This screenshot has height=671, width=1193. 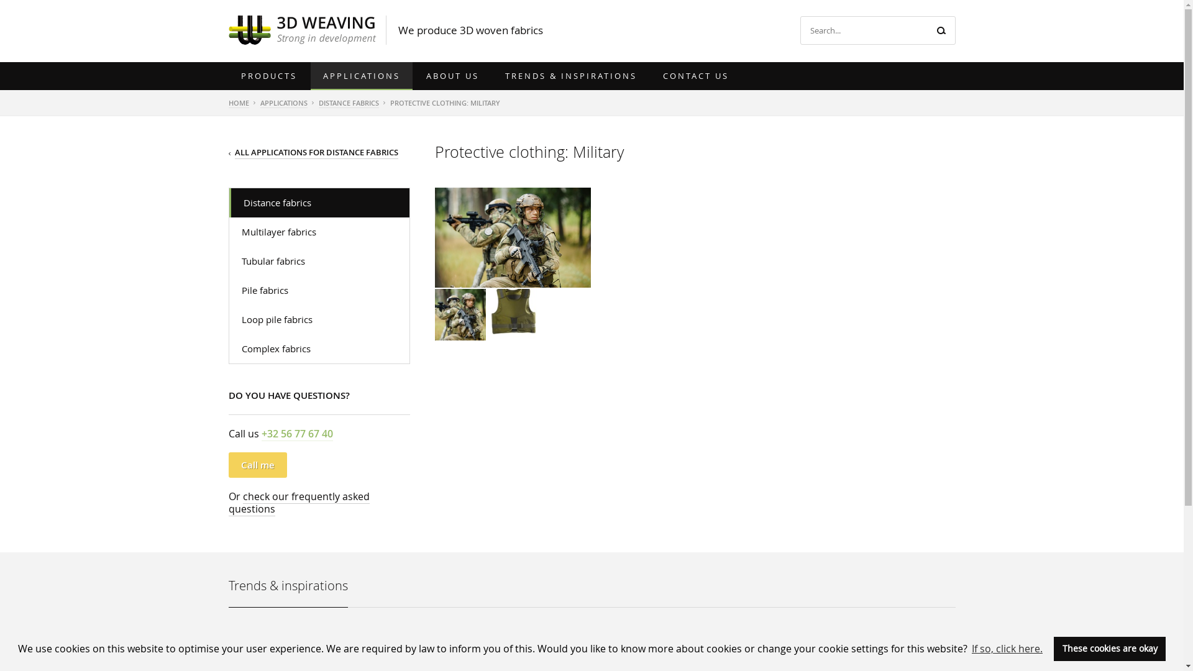 I want to click on 'We produce 3D woven fabrics', so click(x=469, y=30).